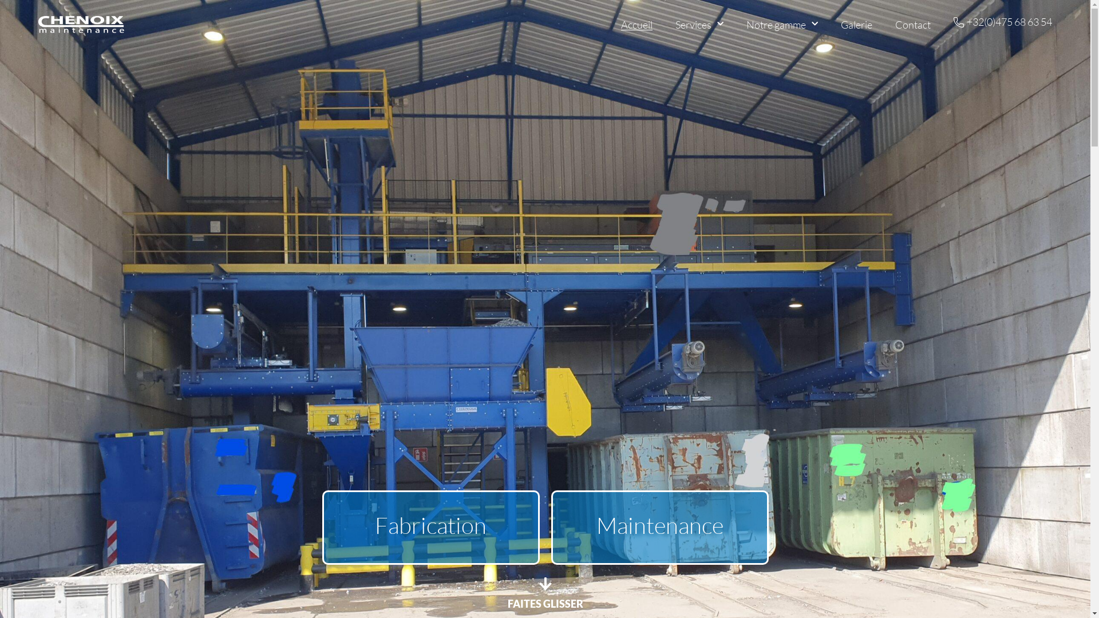  I want to click on 'Contact', so click(895, 24).